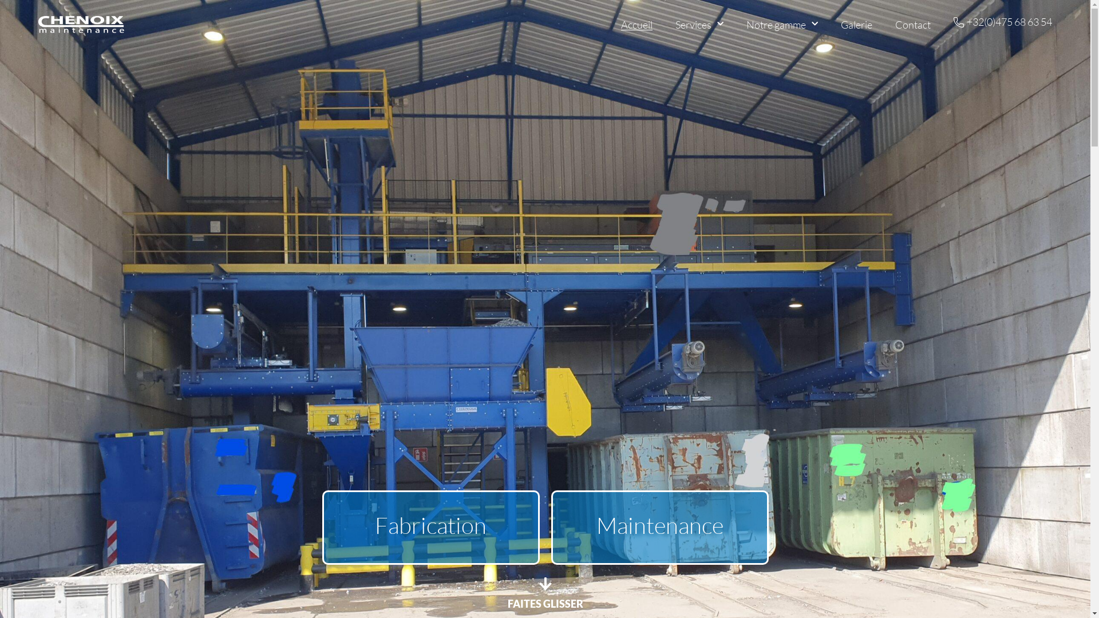  I want to click on 'Contact', so click(895, 24).